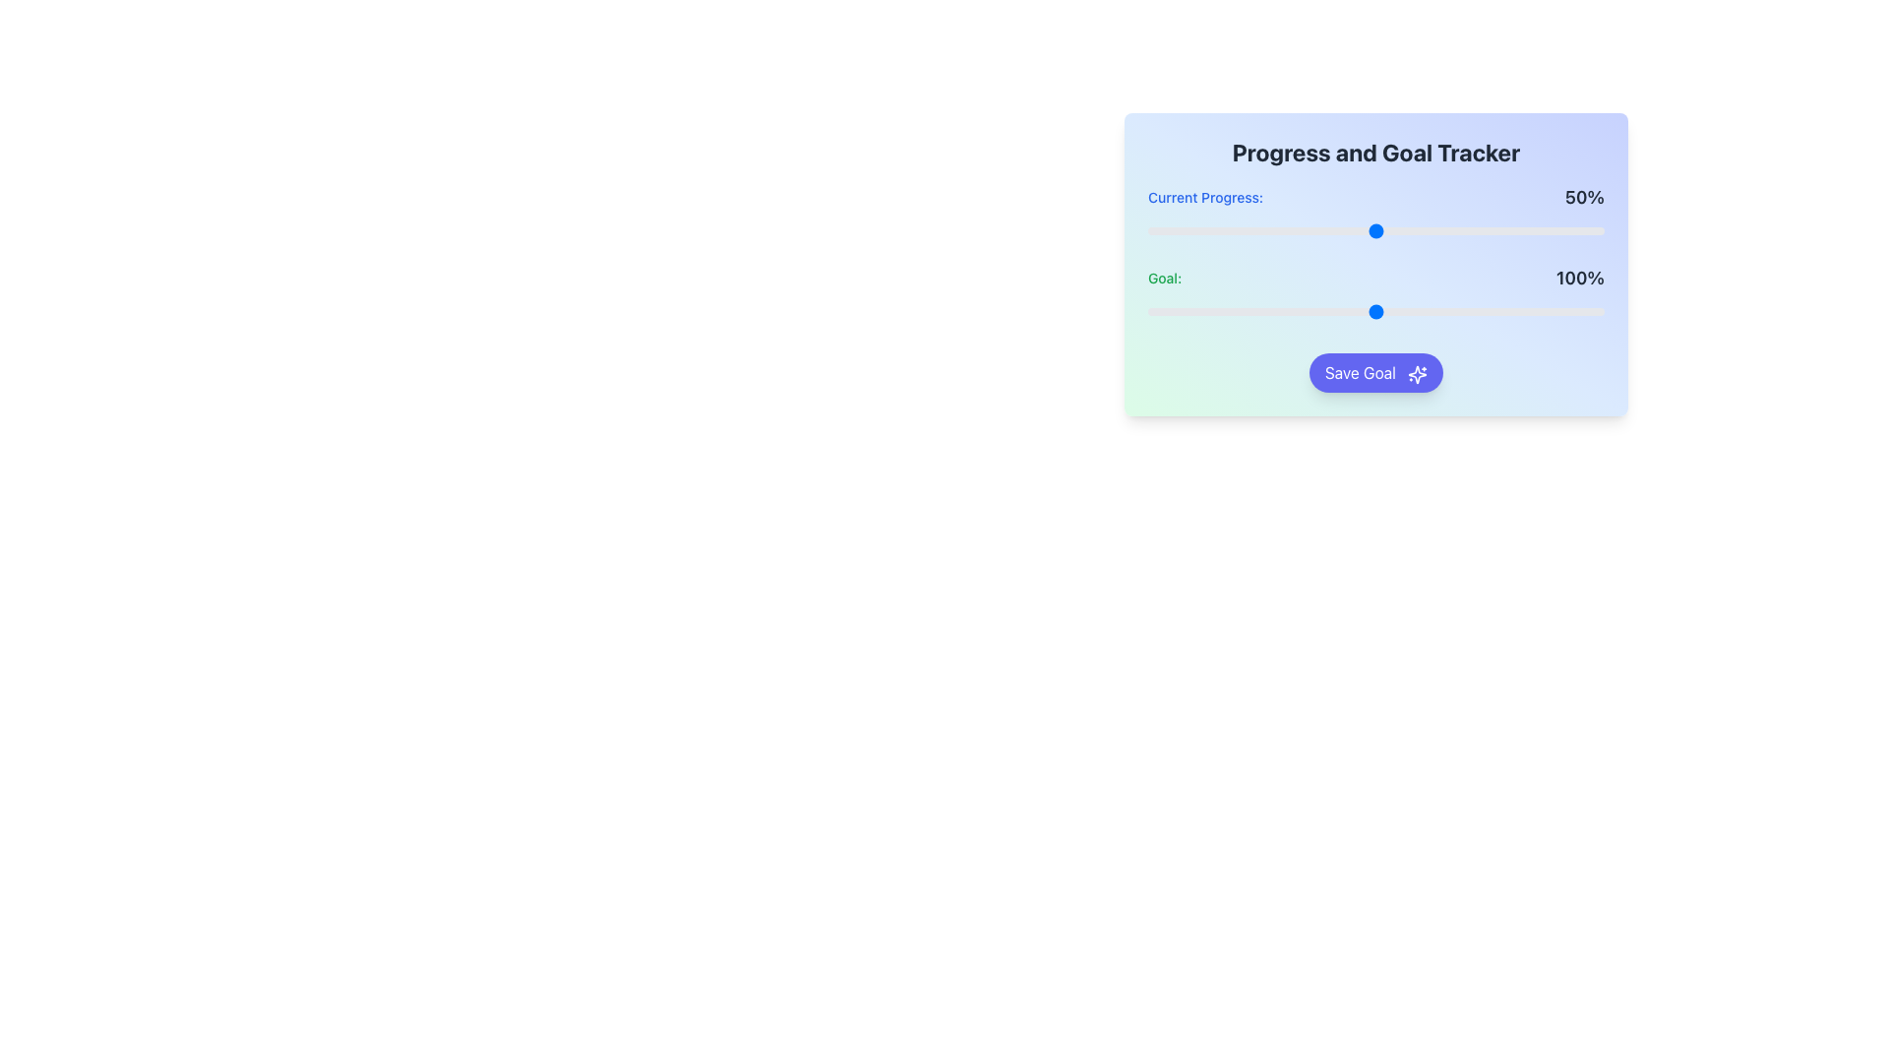 This screenshot has height=1063, width=1889. What do you see at coordinates (1374, 372) in the screenshot?
I see `the save button located below the progress and goal sliders` at bounding box center [1374, 372].